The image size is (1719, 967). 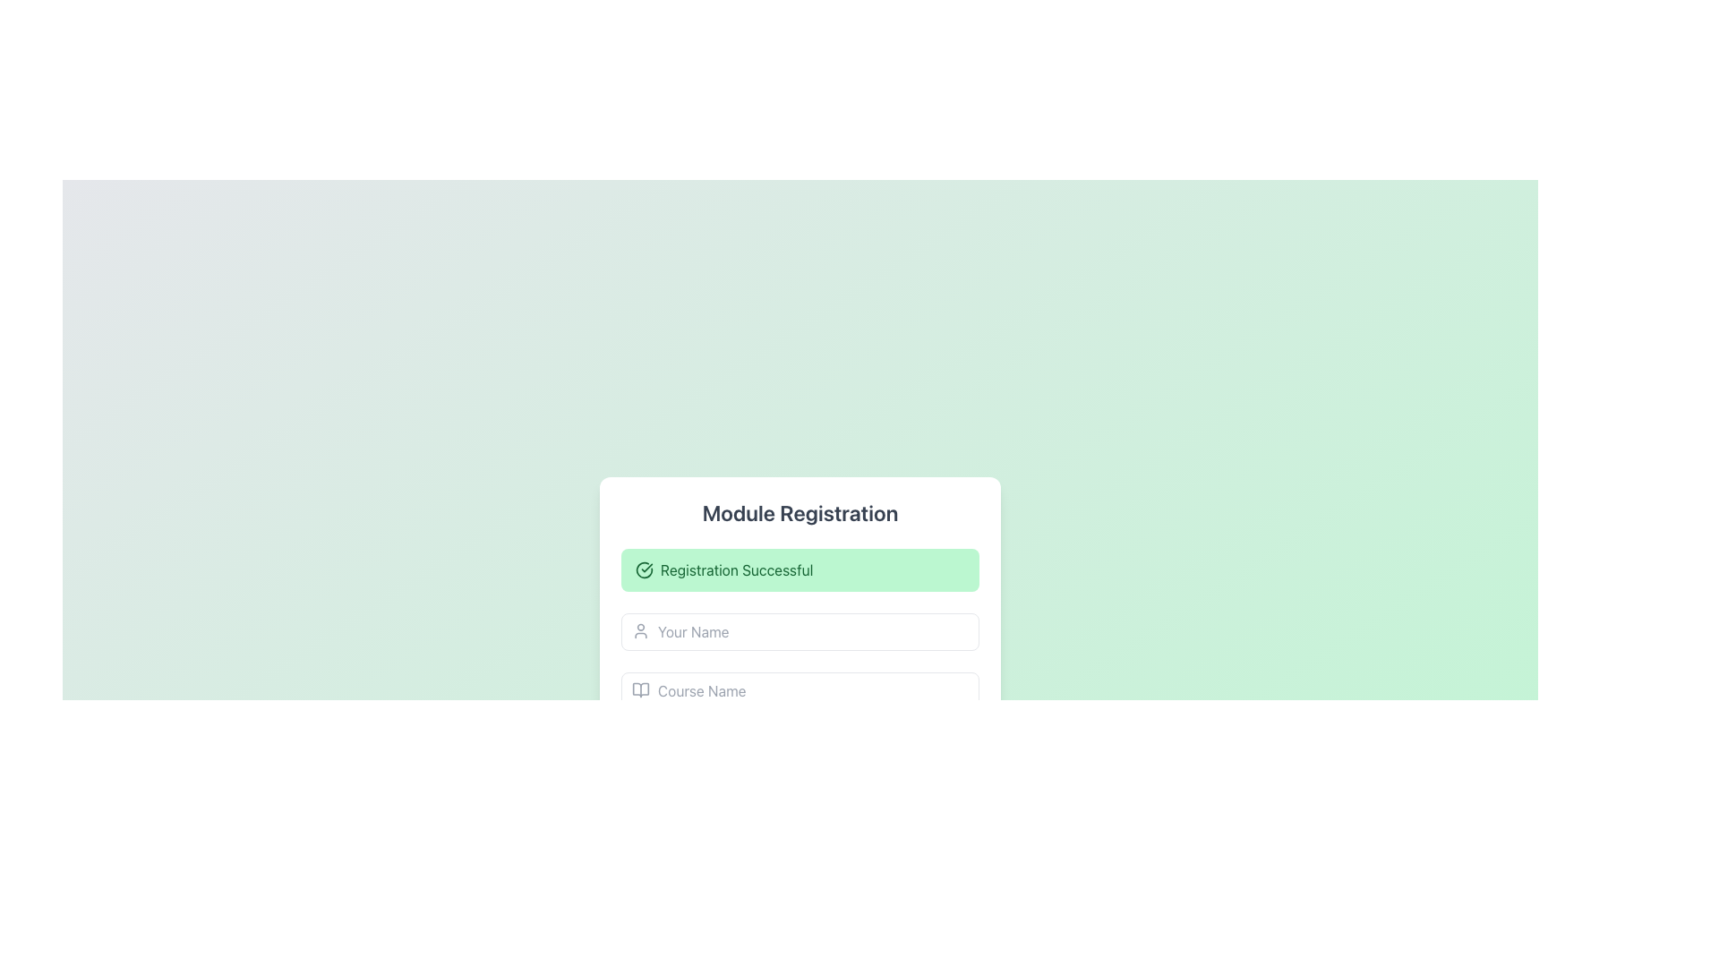 What do you see at coordinates (645, 569) in the screenshot?
I see `the green circular checkmark icon located inside the notification box with the text 'Registration Successful', which is positioned below the heading 'Module Registration'` at bounding box center [645, 569].